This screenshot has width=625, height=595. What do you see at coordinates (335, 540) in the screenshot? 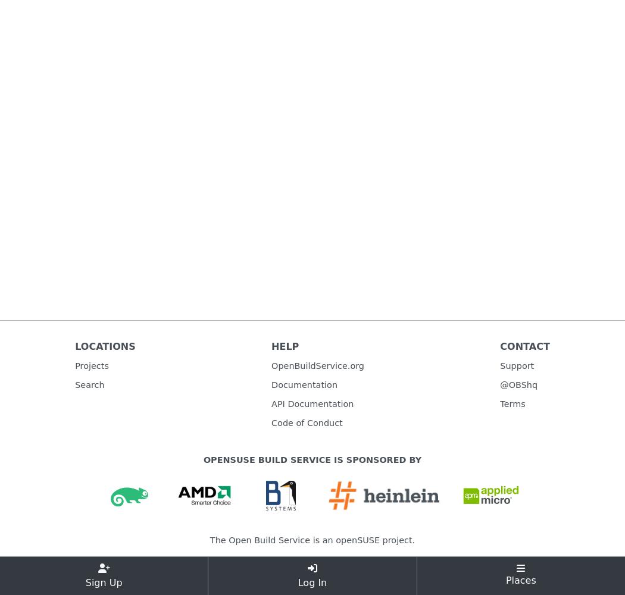
I see `'openSUSE project'` at bounding box center [335, 540].